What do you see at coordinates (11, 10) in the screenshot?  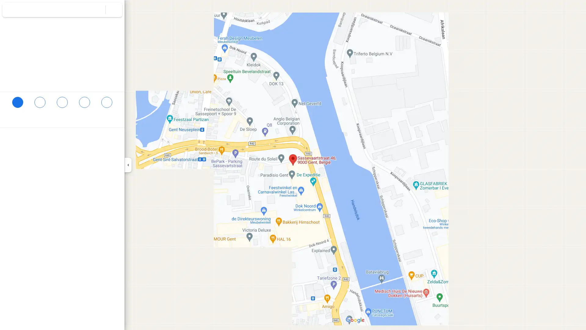 I see `Menu` at bounding box center [11, 10].